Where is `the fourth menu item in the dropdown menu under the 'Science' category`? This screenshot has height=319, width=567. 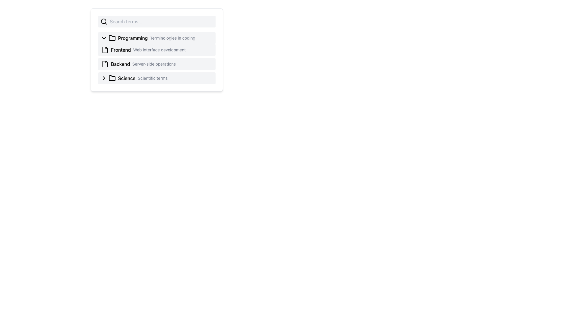 the fourth menu item in the dropdown menu under the 'Science' category is located at coordinates (157, 78).